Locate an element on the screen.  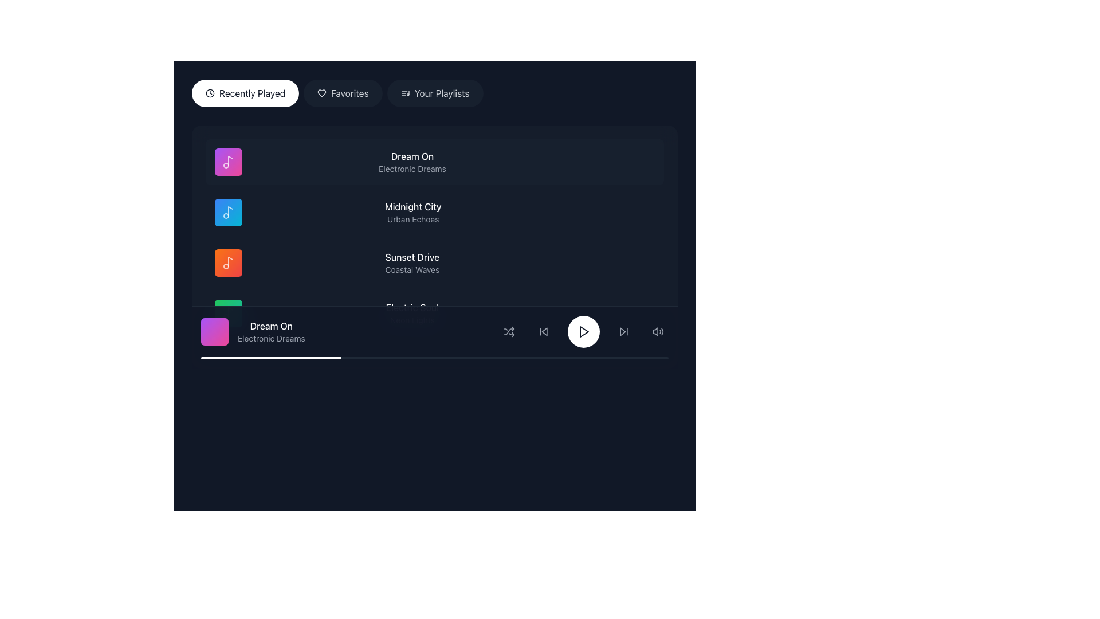
the interactive button related to the 'Dream On' song item, which is positioned to the right of the title and artist information is located at coordinates (591, 162).